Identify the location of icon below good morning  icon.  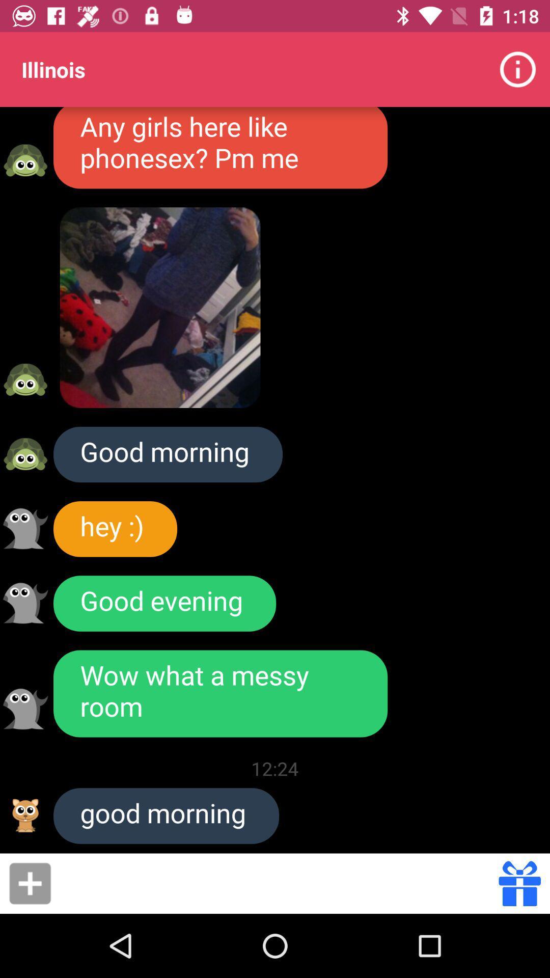
(115, 529).